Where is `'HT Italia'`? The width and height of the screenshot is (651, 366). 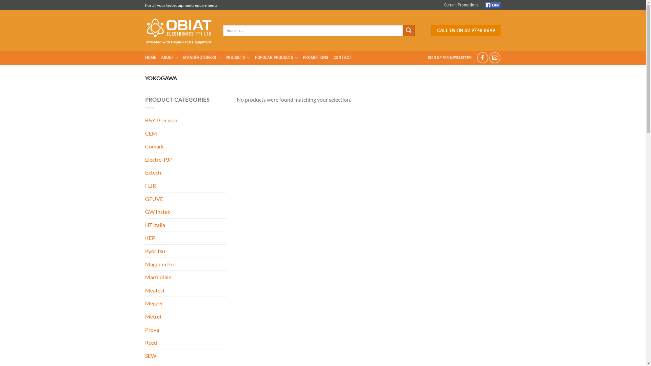 'HT Italia' is located at coordinates (144, 225).